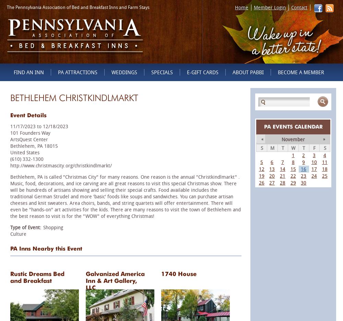 The image size is (343, 321). I want to click on 'United States', so click(24, 152).